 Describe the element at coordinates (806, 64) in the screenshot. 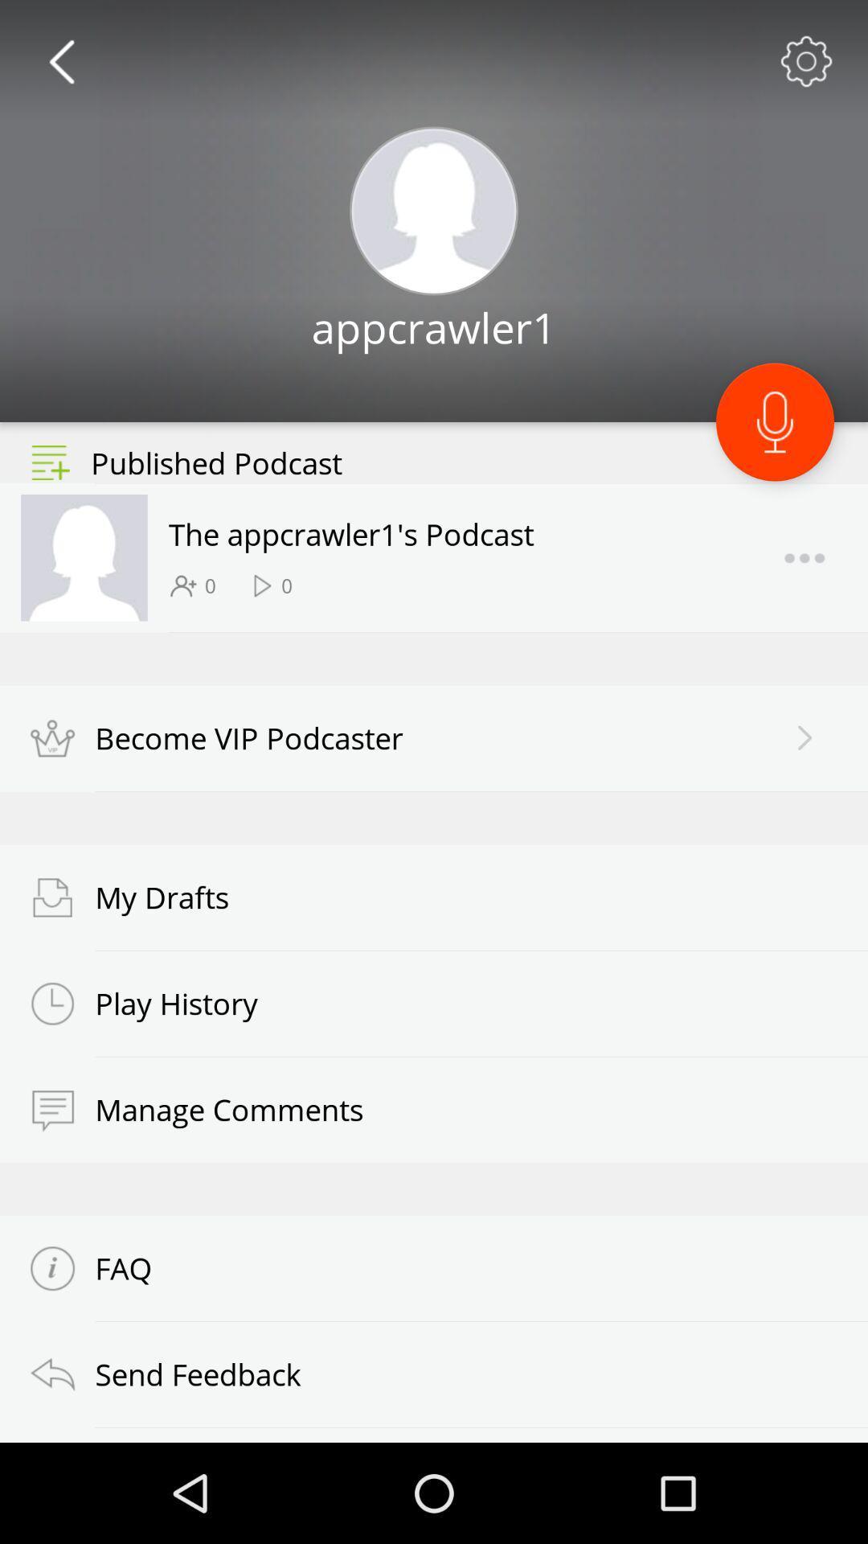

I see `the settings icon` at that location.